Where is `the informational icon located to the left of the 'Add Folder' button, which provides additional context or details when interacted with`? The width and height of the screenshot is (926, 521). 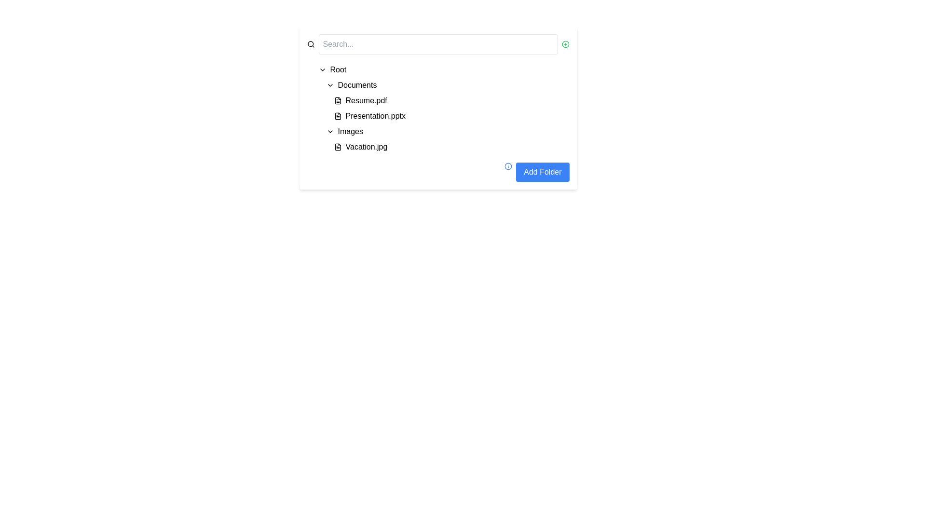
the informational icon located to the left of the 'Add Folder' button, which provides additional context or details when interacted with is located at coordinates (508, 165).